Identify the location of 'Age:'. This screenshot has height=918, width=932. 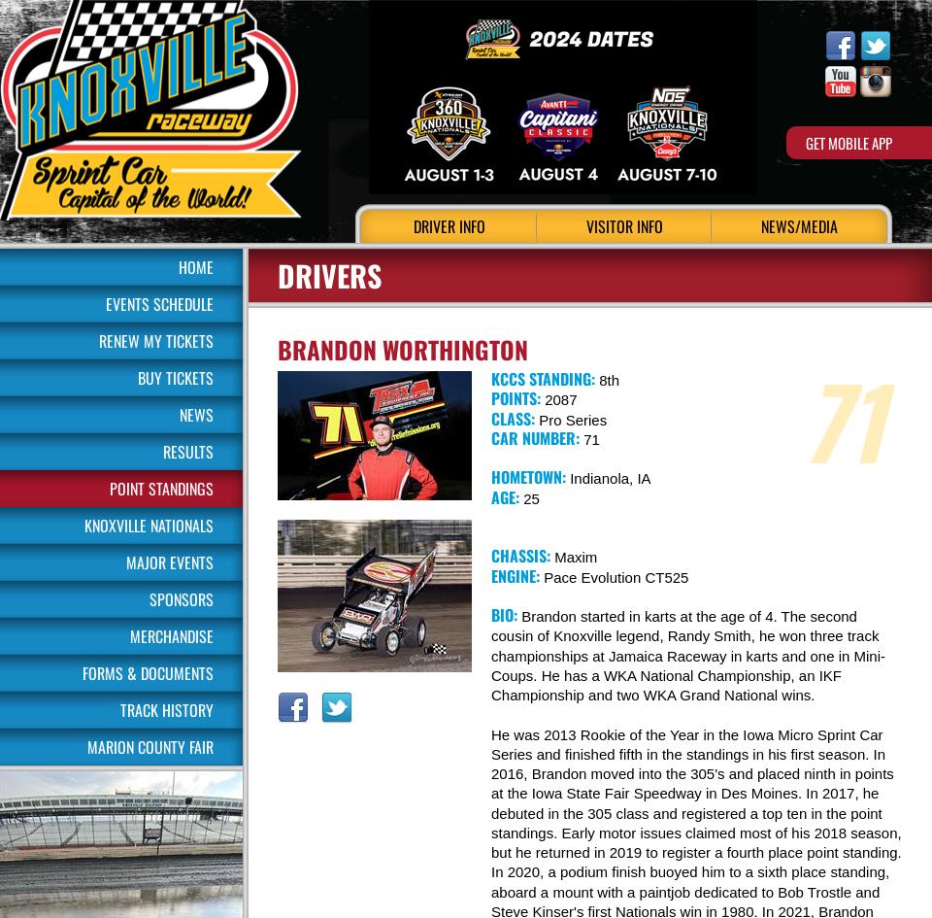
(504, 494).